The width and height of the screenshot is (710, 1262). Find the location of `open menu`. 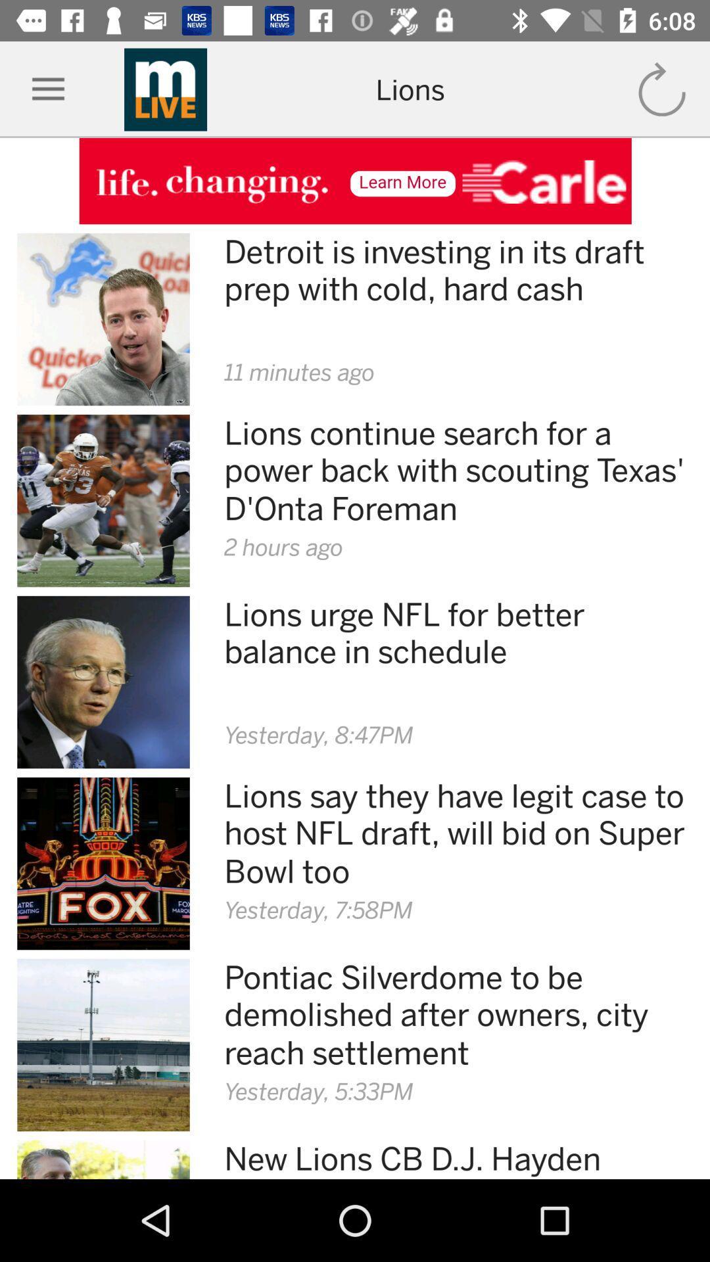

open menu is located at coordinates (47, 89).